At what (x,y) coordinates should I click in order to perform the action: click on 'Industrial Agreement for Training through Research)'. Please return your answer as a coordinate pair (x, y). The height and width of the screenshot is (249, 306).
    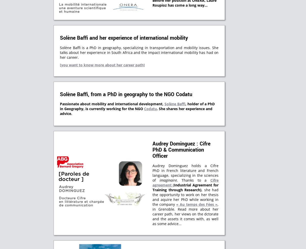
    Looking at the image, I should click on (185, 187).